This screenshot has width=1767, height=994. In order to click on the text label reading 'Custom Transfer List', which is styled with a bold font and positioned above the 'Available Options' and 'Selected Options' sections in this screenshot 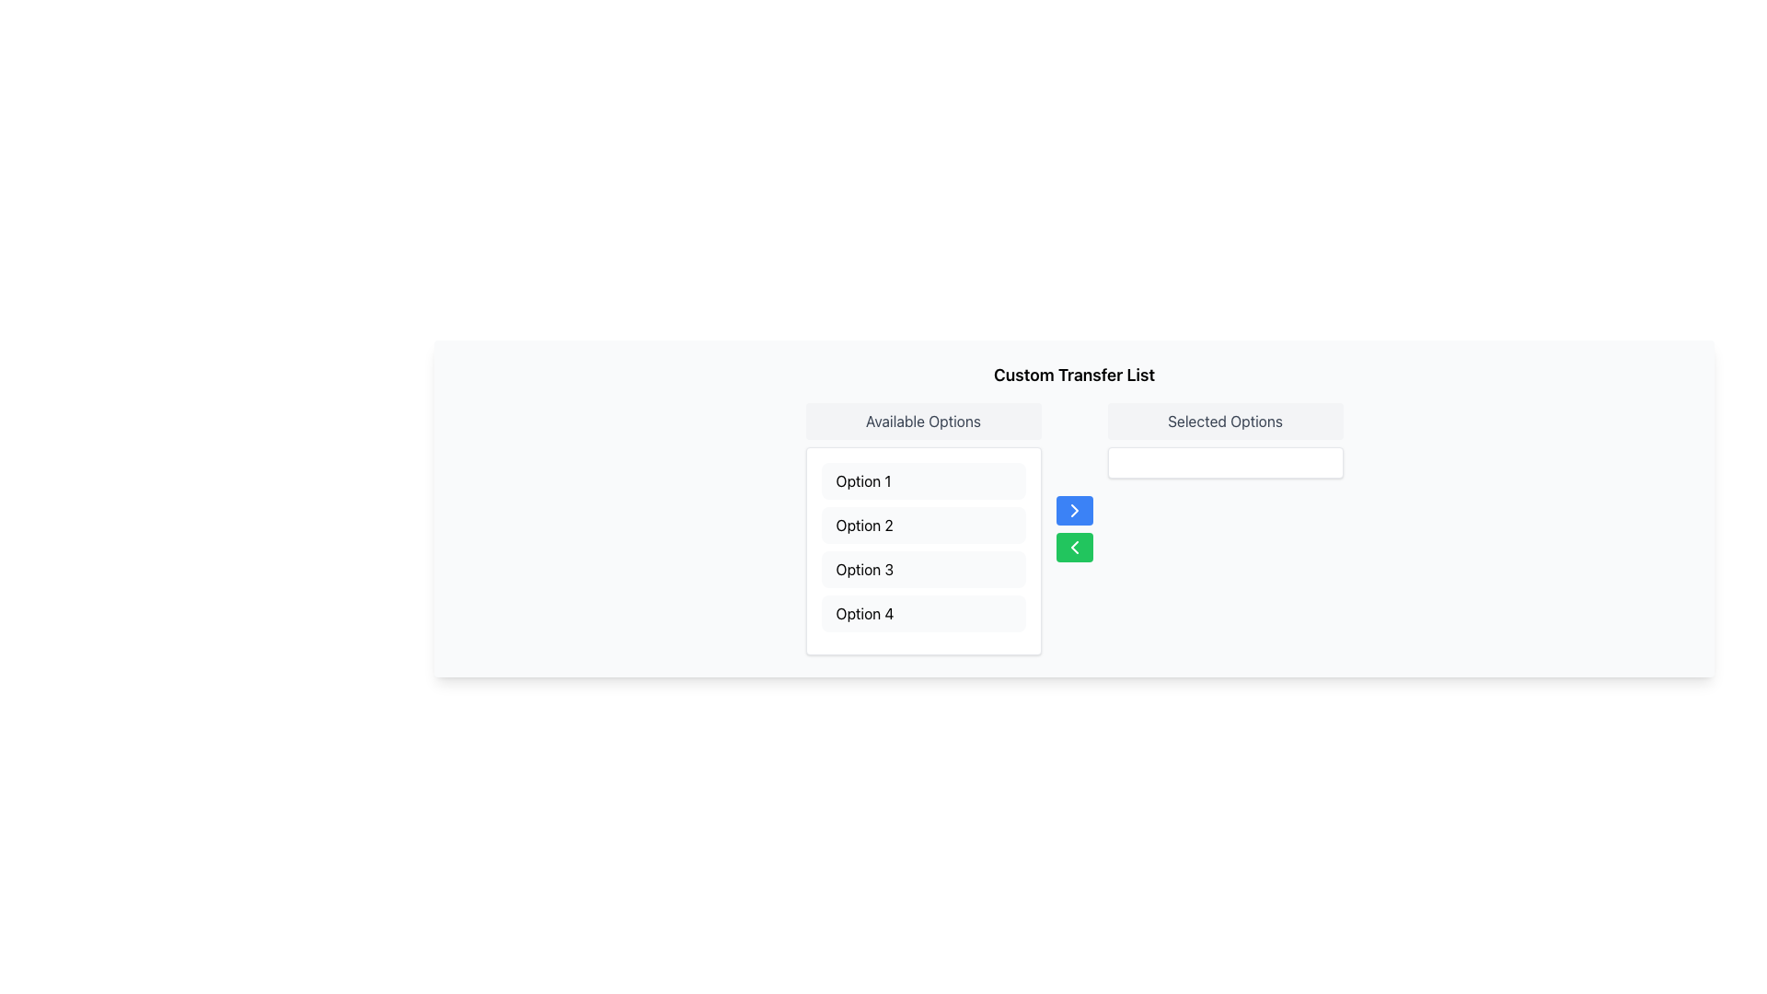, I will do `click(1074, 375)`.